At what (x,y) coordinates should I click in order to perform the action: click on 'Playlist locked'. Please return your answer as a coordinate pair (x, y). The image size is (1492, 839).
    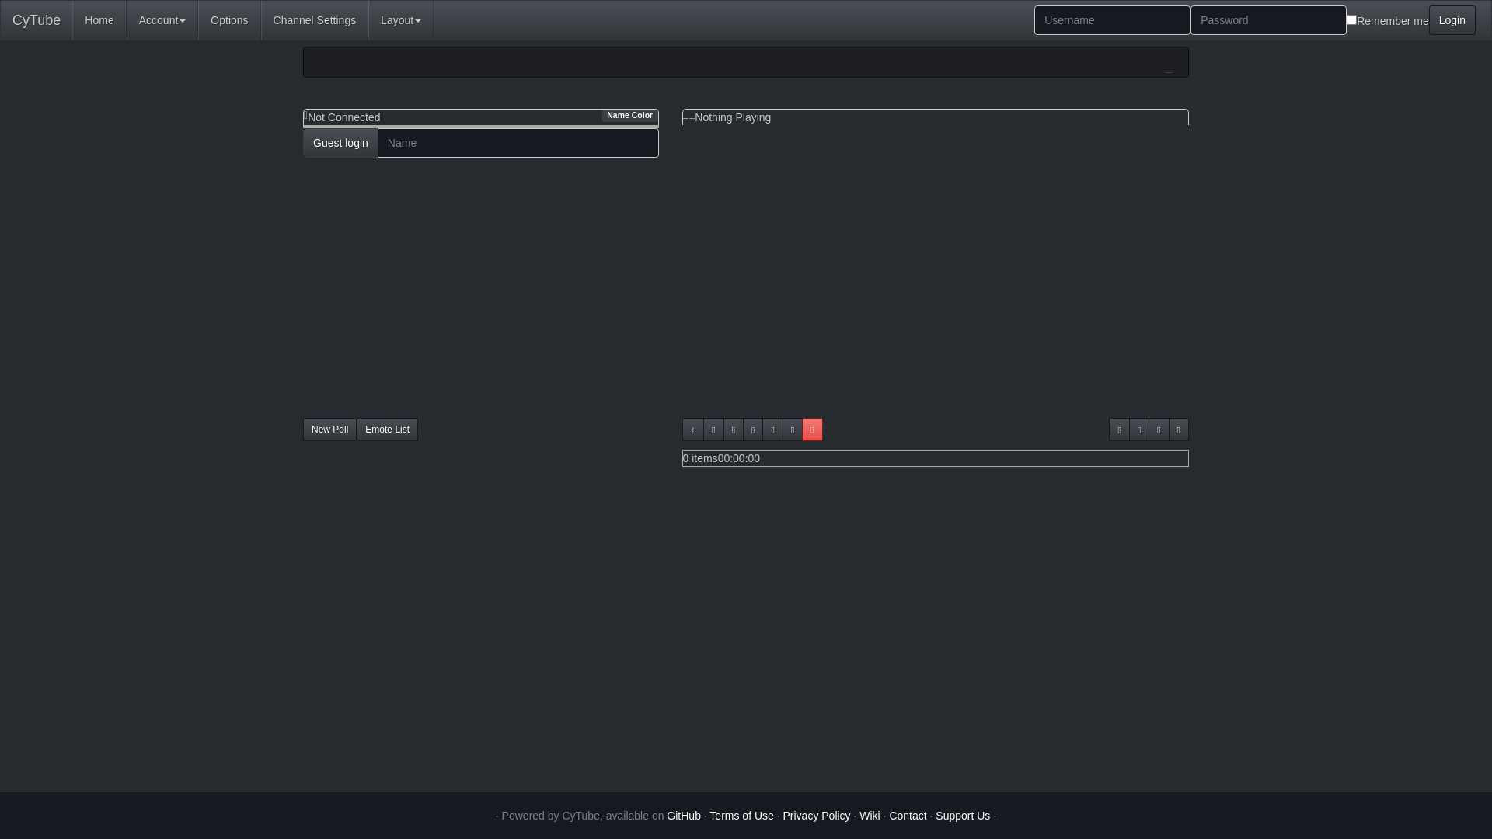
    Looking at the image, I should click on (811, 429).